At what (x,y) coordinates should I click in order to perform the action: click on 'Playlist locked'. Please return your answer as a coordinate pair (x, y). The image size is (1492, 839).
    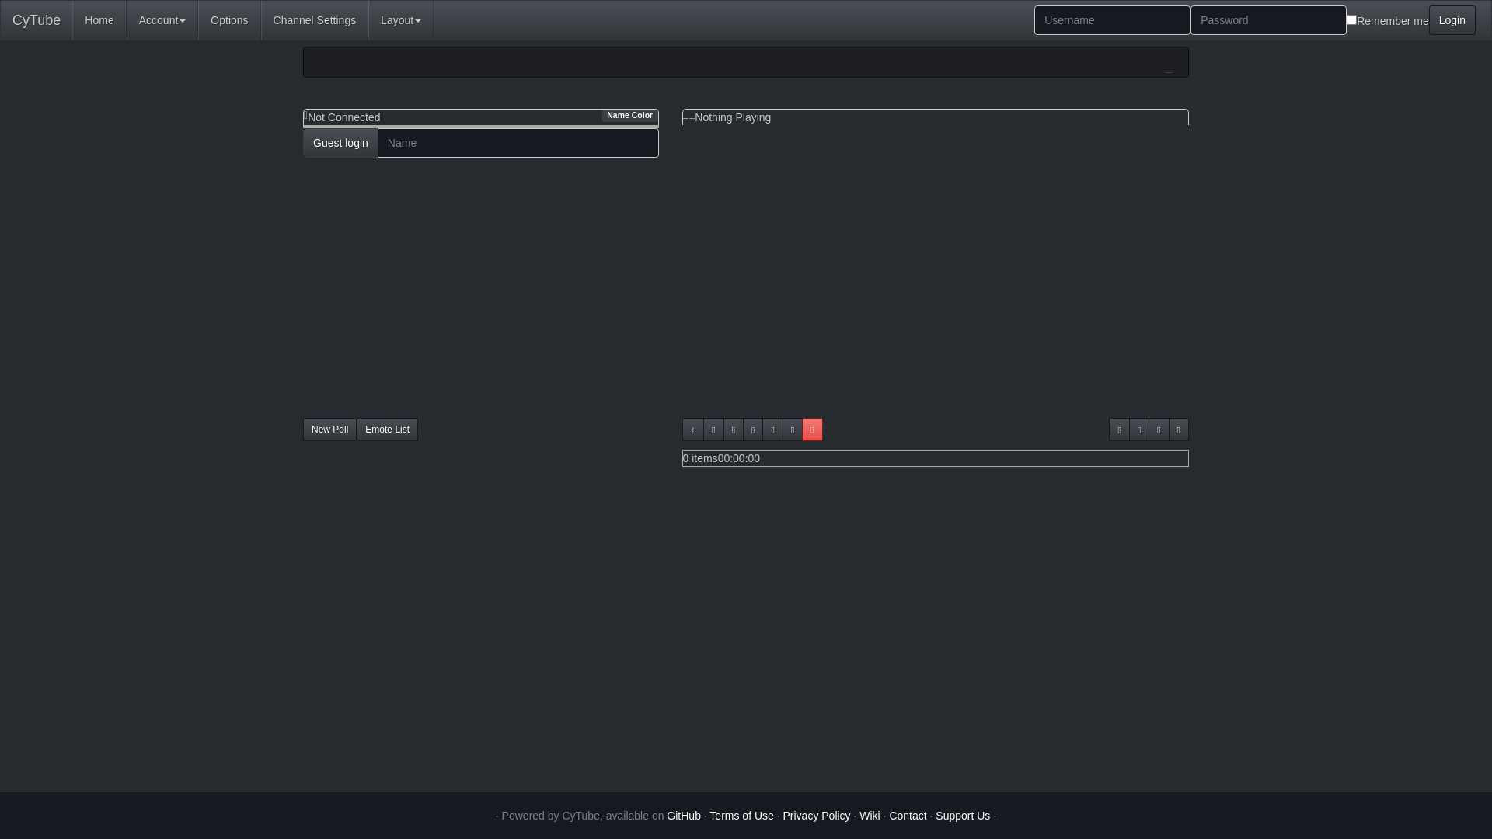
    Looking at the image, I should click on (811, 429).